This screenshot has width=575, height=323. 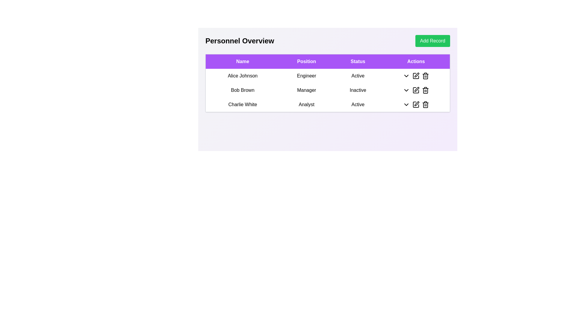 I want to click on the edit icon button in the 'Actions' column of the first row in the table, located next to 'Alice Johnson', so click(x=417, y=74).